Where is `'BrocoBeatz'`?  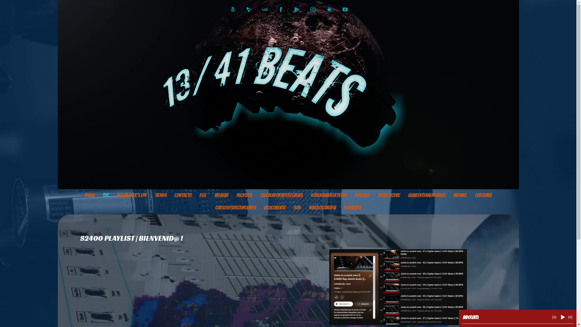 'BrocoBeatz' is located at coordinates (274, 207).